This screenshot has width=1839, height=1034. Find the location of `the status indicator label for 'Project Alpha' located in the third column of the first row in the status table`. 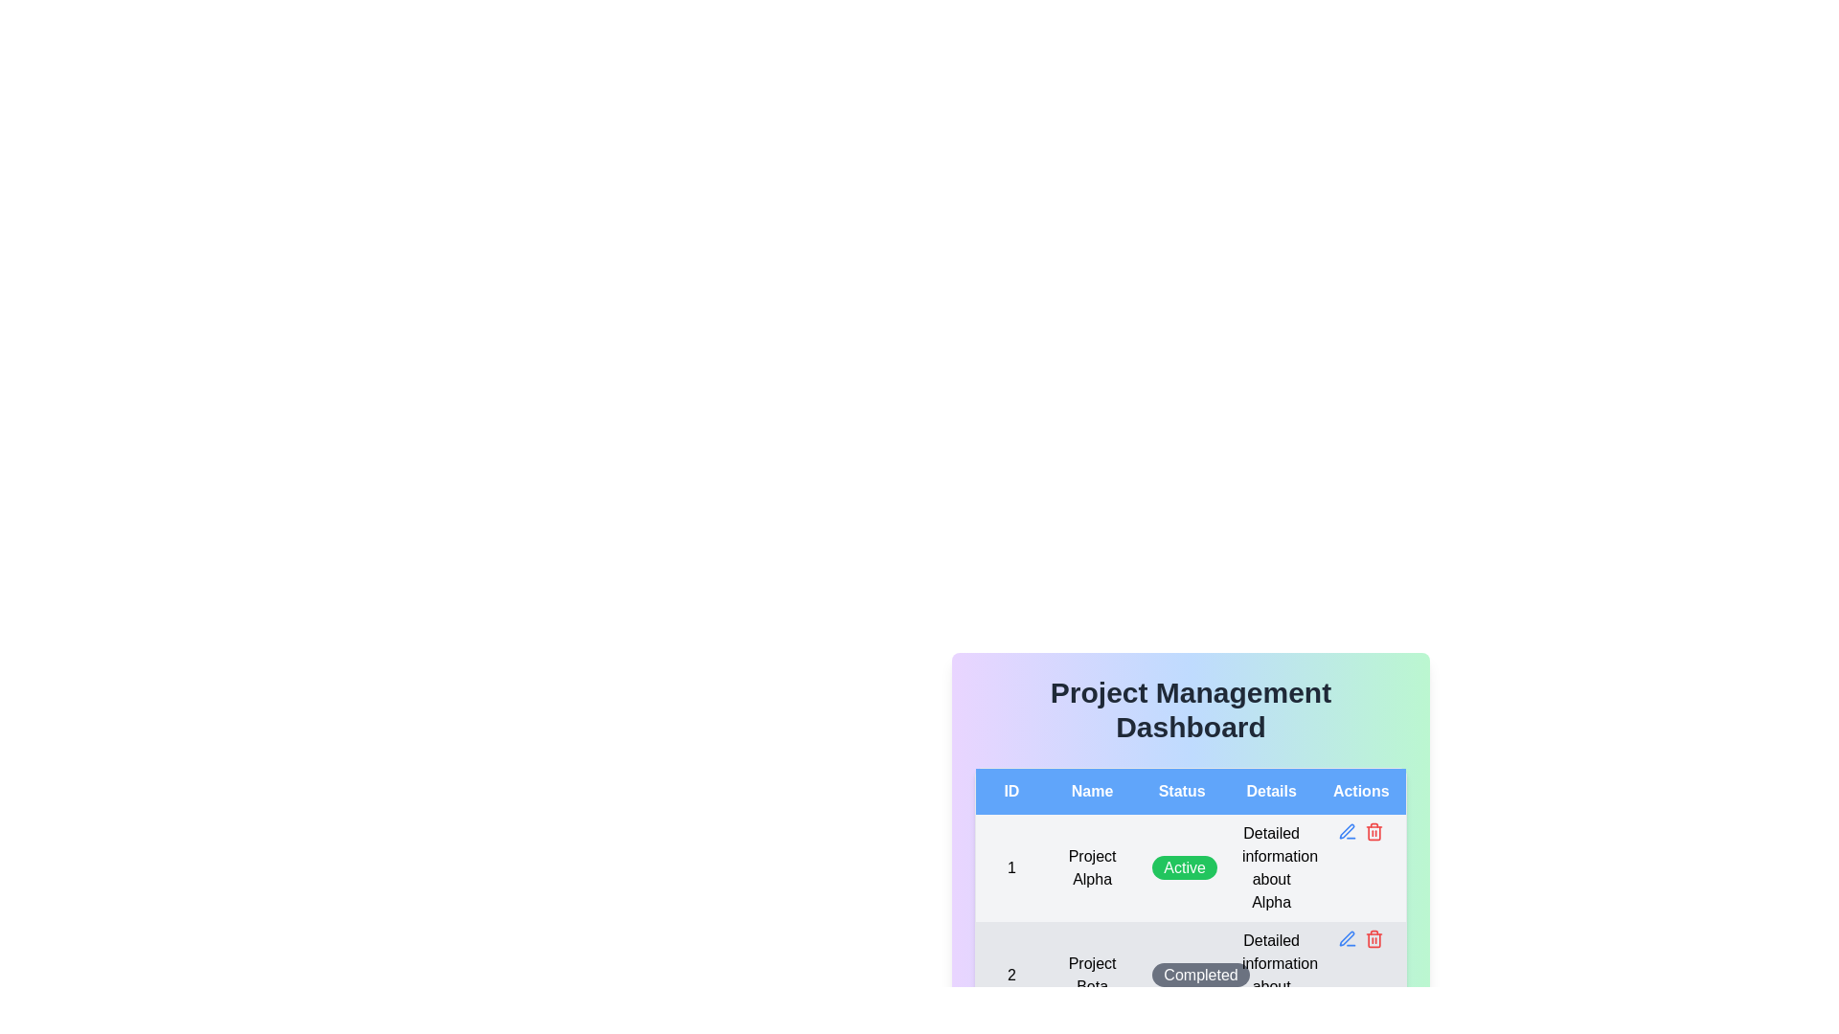

the status indicator label for 'Project Alpha' located in the third column of the first row in the status table is located at coordinates (1181, 867).